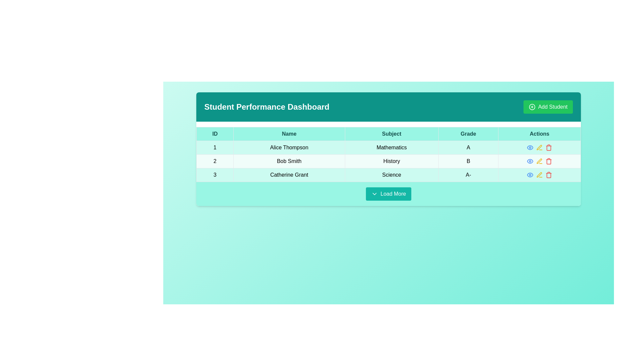 Image resolution: width=641 pixels, height=360 pixels. Describe the element at coordinates (289, 147) in the screenshot. I see `the 'Alice Thompson' label, which is located in the second column of the first row of a data table, styled with light teal shades and bordered rectangular cell` at that location.